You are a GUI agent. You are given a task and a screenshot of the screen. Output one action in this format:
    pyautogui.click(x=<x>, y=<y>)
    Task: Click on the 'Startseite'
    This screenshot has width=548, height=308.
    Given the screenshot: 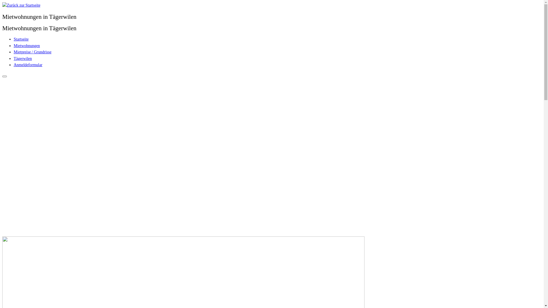 What is the action you would take?
    pyautogui.click(x=21, y=39)
    